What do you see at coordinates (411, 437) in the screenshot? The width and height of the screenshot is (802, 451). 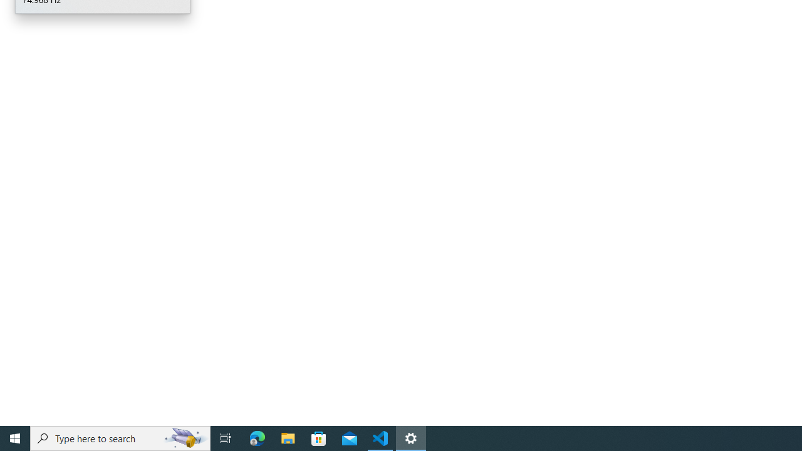 I see `'Settings - 1 running window'` at bounding box center [411, 437].